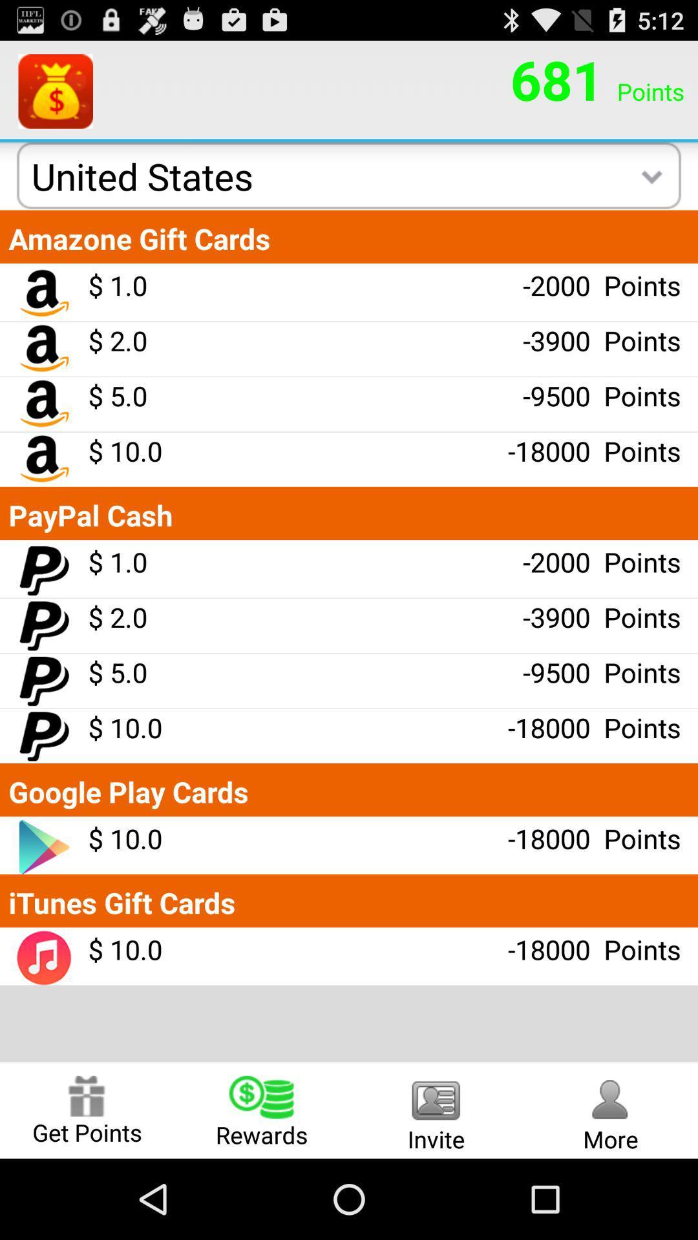 Image resolution: width=698 pixels, height=1240 pixels. Describe the element at coordinates (87, 1110) in the screenshot. I see `the icon next to the rewards icon` at that location.